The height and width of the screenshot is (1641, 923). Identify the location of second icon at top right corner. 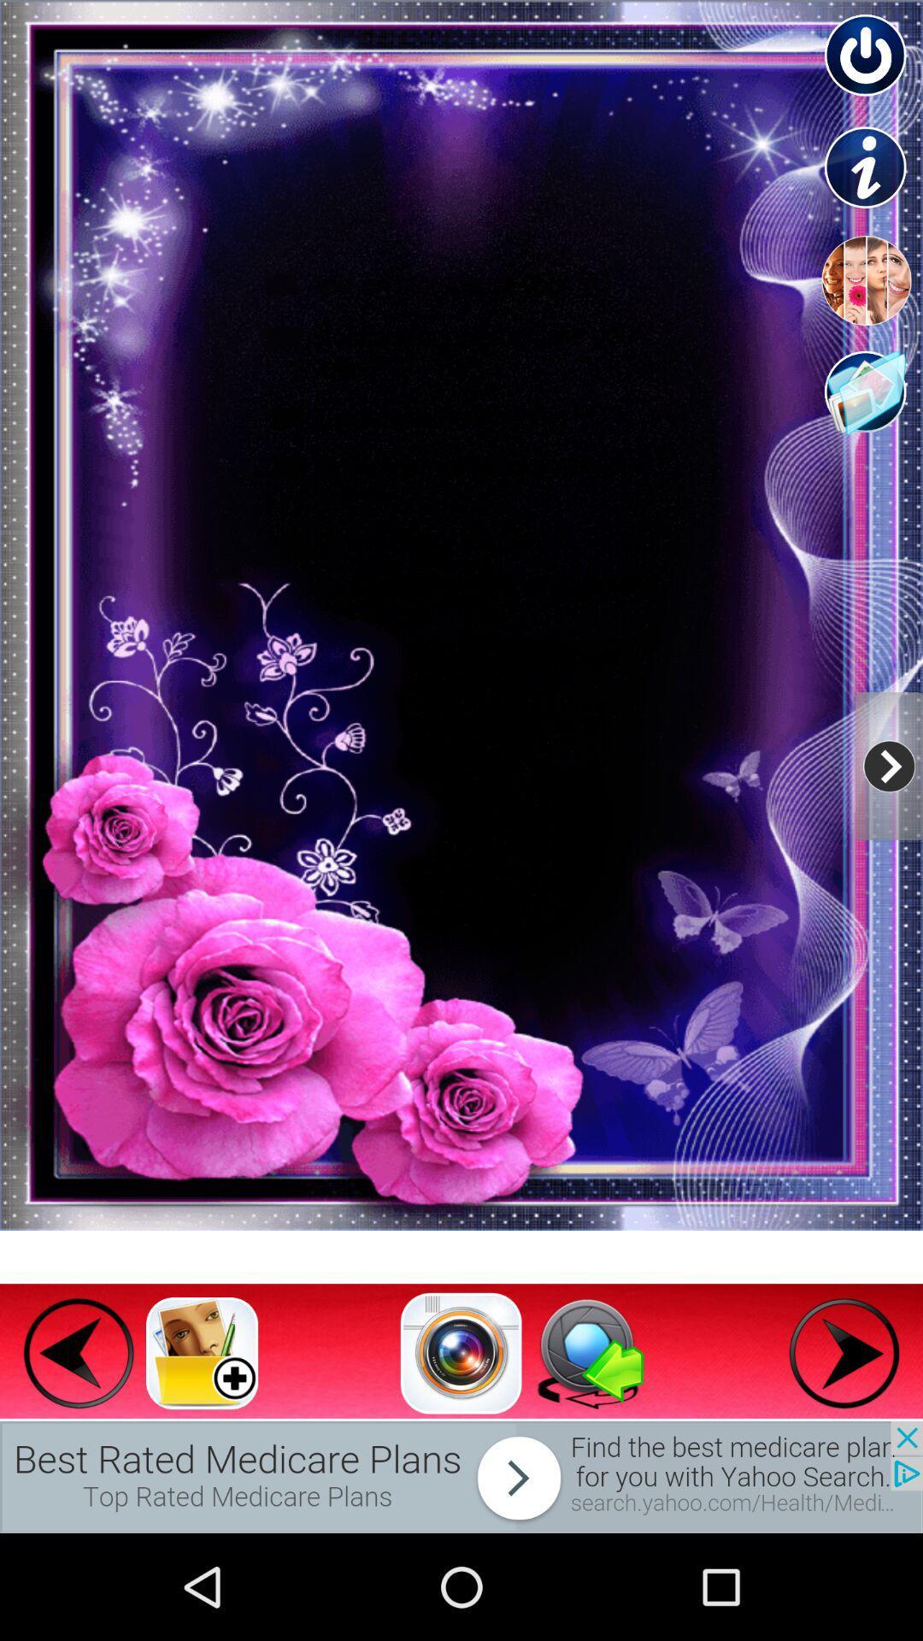
(867, 168).